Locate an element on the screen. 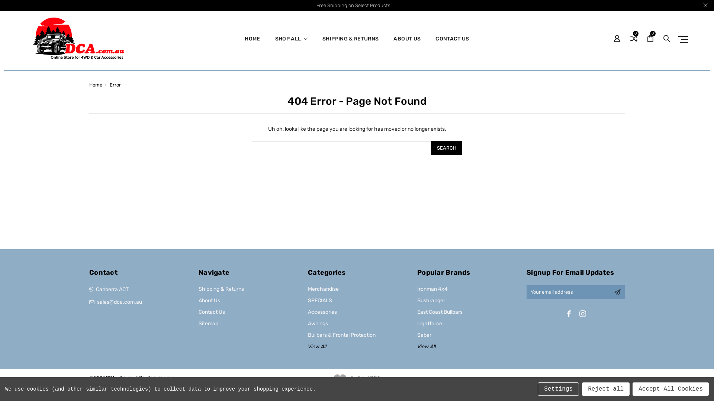 The image size is (714, 401). 'East Coast Bullbars' is located at coordinates (440, 312).